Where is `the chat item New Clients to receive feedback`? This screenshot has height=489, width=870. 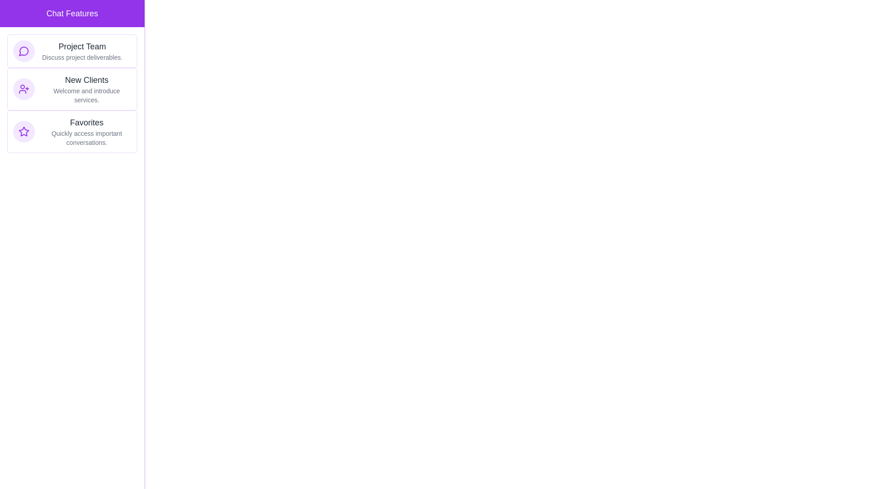
the chat item New Clients to receive feedback is located at coordinates (72, 89).